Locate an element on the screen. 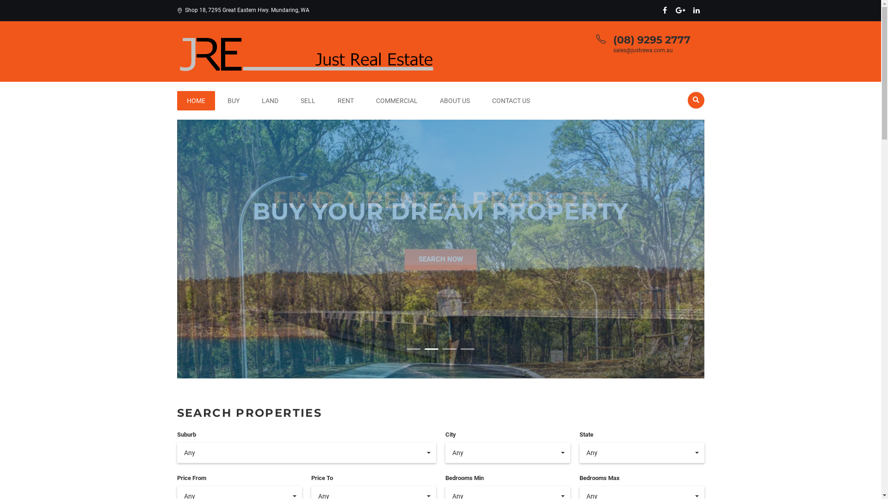  '(08) 9295 2777' is located at coordinates (651, 39).